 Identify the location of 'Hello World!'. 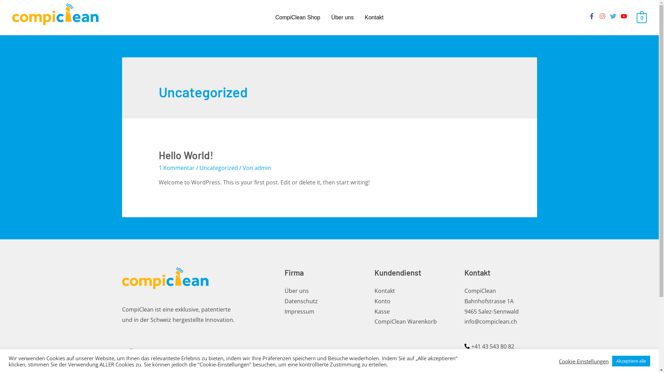
(186, 154).